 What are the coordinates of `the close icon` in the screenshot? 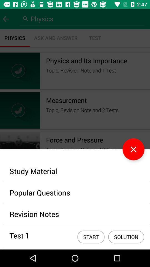 It's located at (133, 149).